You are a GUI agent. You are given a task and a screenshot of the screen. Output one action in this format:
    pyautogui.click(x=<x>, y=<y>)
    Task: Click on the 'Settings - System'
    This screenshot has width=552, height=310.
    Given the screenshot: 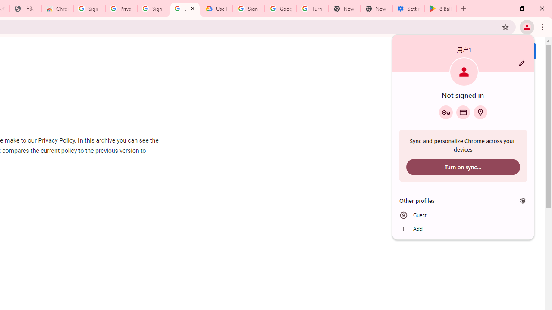 What is the action you would take?
    pyautogui.click(x=408, y=9)
    